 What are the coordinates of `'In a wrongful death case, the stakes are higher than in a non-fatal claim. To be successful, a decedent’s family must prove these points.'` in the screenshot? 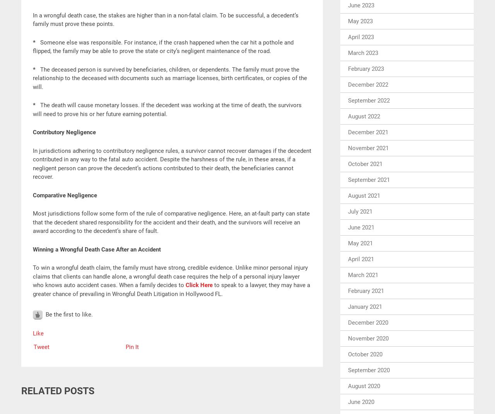 It's located at (165, 19).